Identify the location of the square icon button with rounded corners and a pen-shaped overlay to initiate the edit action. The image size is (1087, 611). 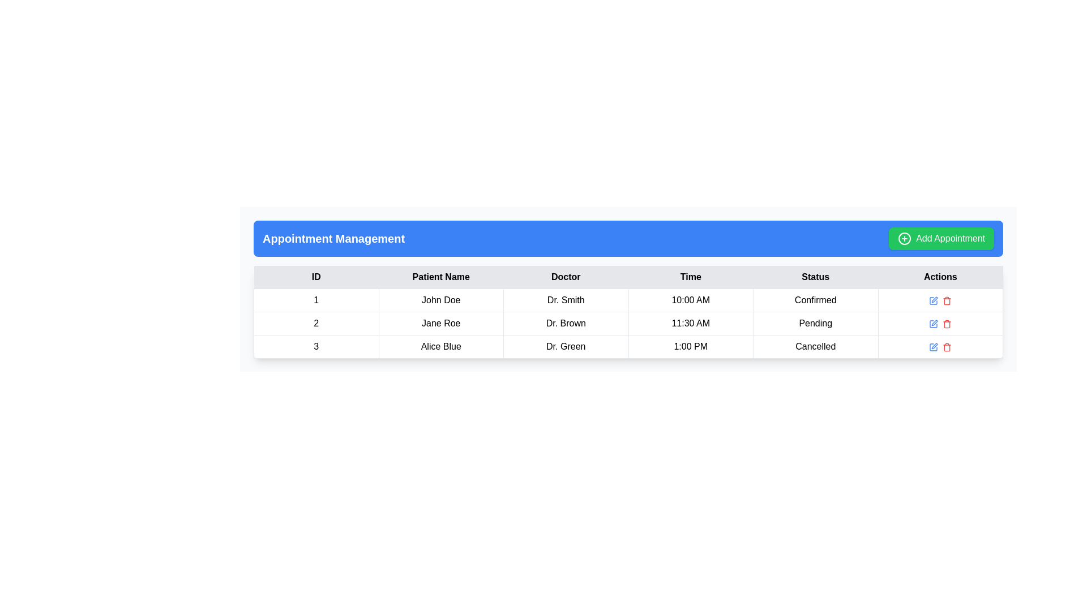
(934, 324).